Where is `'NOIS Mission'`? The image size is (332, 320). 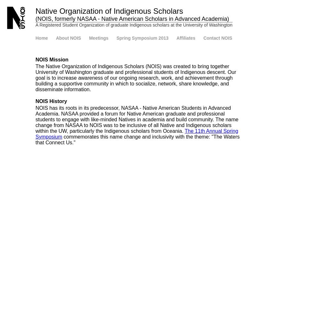 'NOIS Mission' is located at coordinates (51, 60).